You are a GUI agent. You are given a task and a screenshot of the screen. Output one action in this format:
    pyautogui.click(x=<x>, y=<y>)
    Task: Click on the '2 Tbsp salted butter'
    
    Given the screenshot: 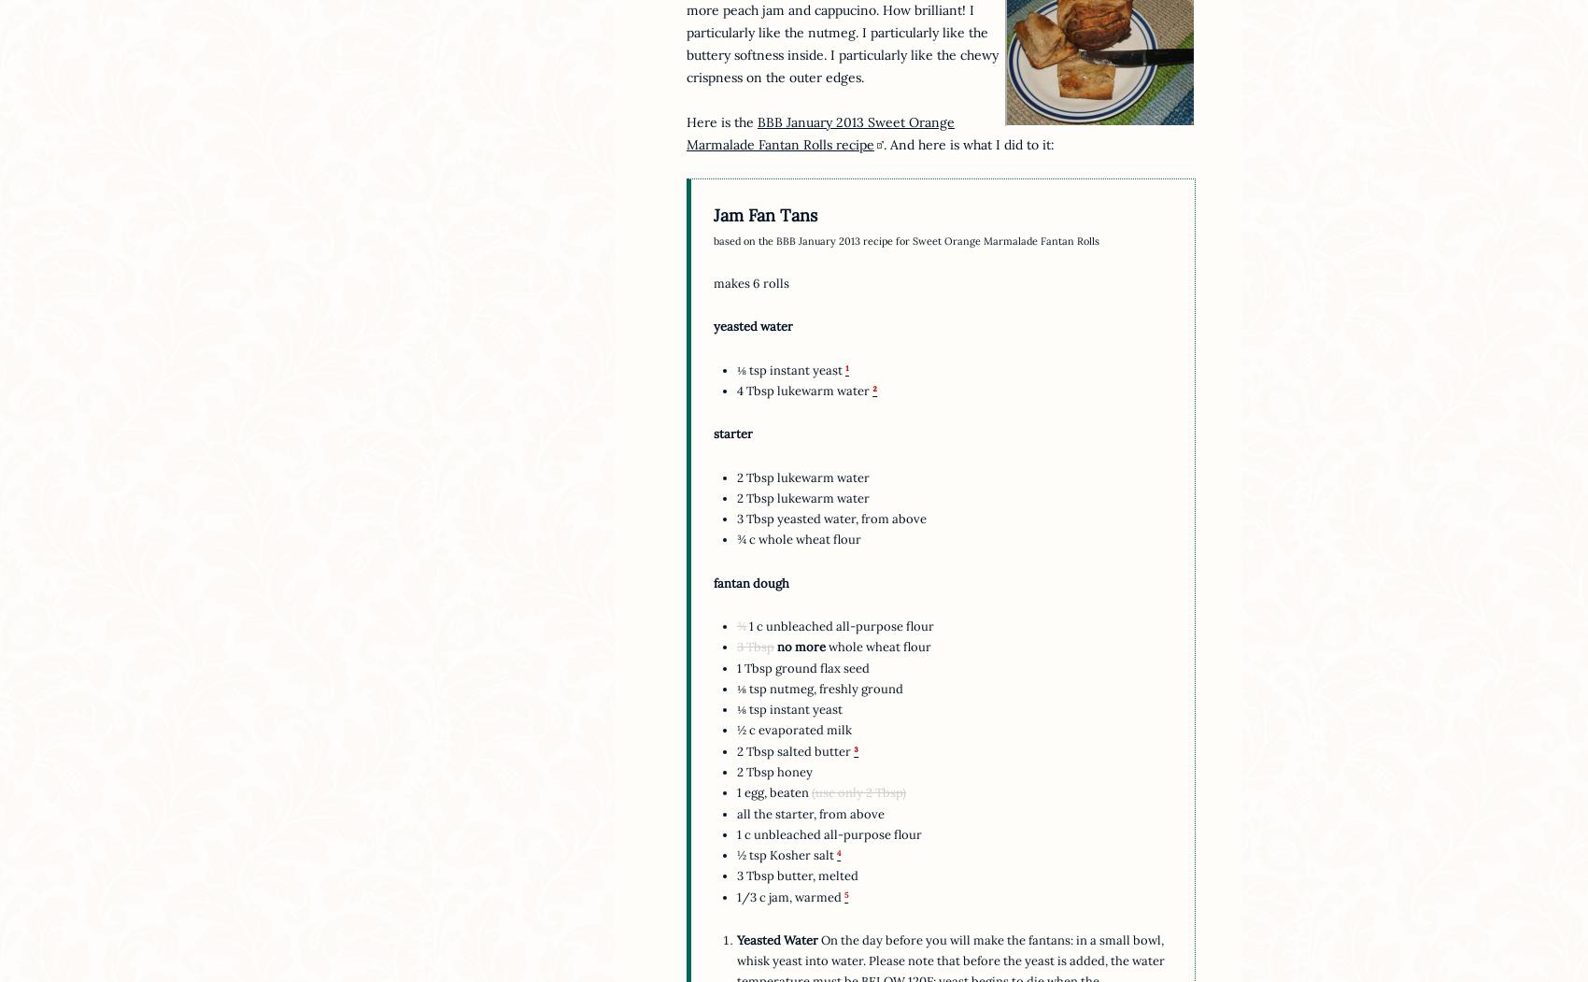 What is the action you would take?
    pyautogui.click(x=795, y=749)
    